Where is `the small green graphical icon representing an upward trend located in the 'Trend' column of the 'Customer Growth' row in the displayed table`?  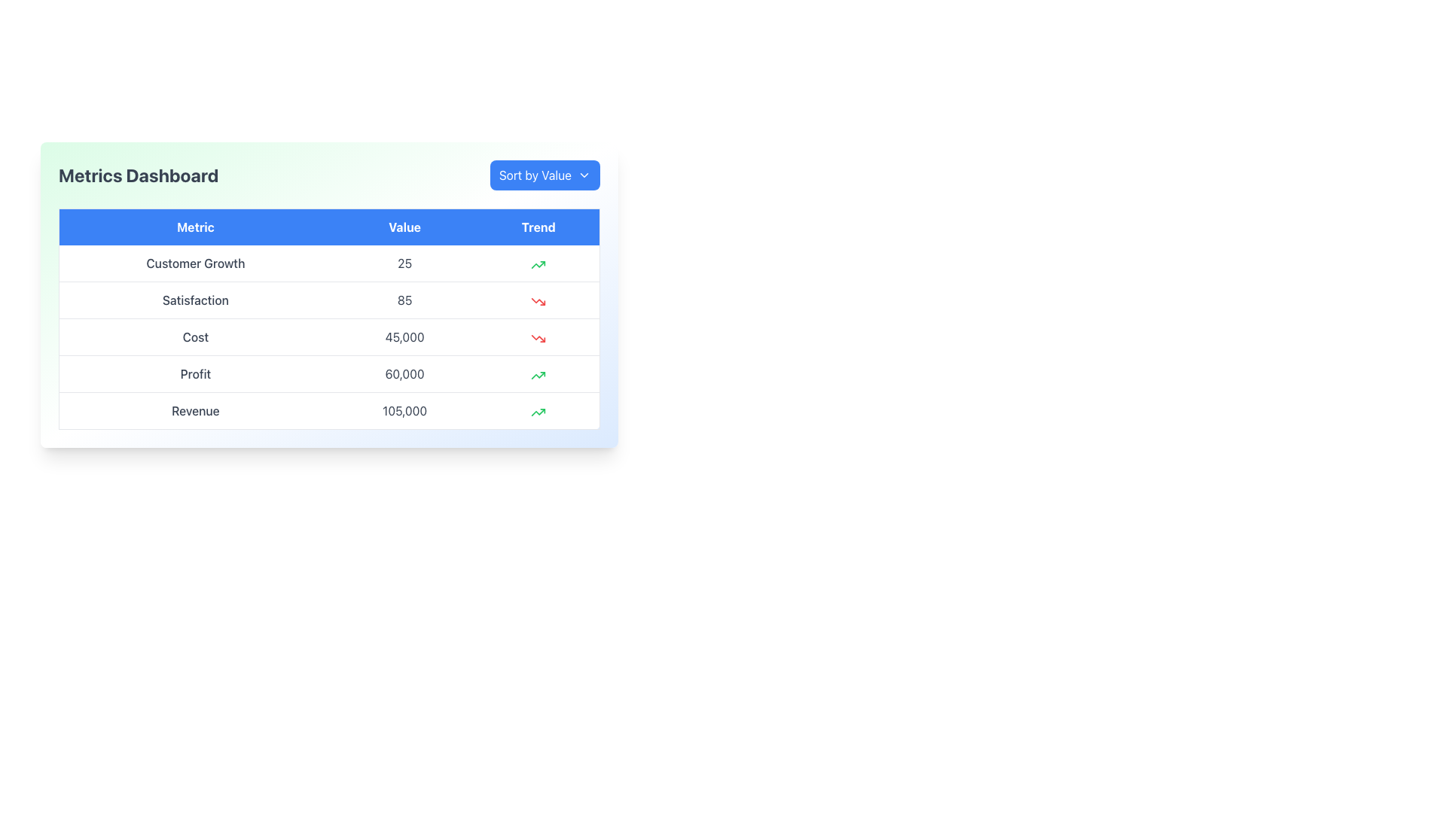
the small green graphical icon representing an upward trend located in the 'Trend' column of the 'Customer Growth' row in the displayed table is located at coordinates (538, 263).